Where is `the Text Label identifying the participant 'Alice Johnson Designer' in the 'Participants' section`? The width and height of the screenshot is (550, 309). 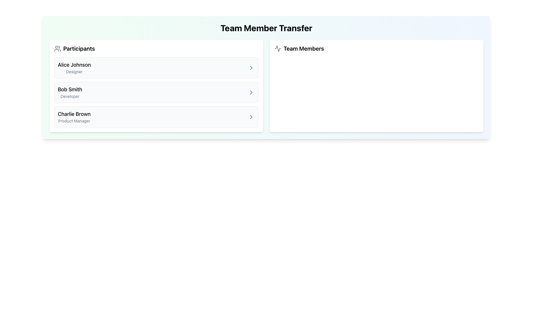 the Text Label identifying the participant 'Alice Johnson Designer' in the 'Participants' section is located at coordinates (74, 65).